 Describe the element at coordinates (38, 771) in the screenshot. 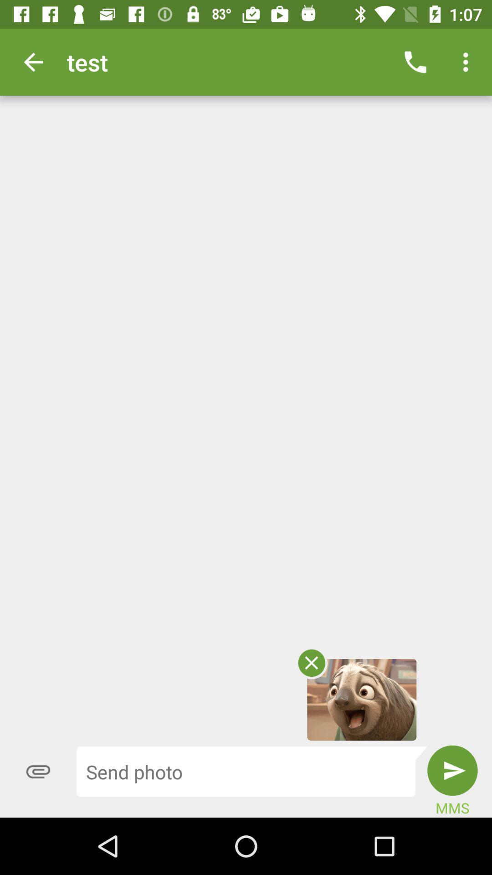

I see `the attach_file icon` at that location.